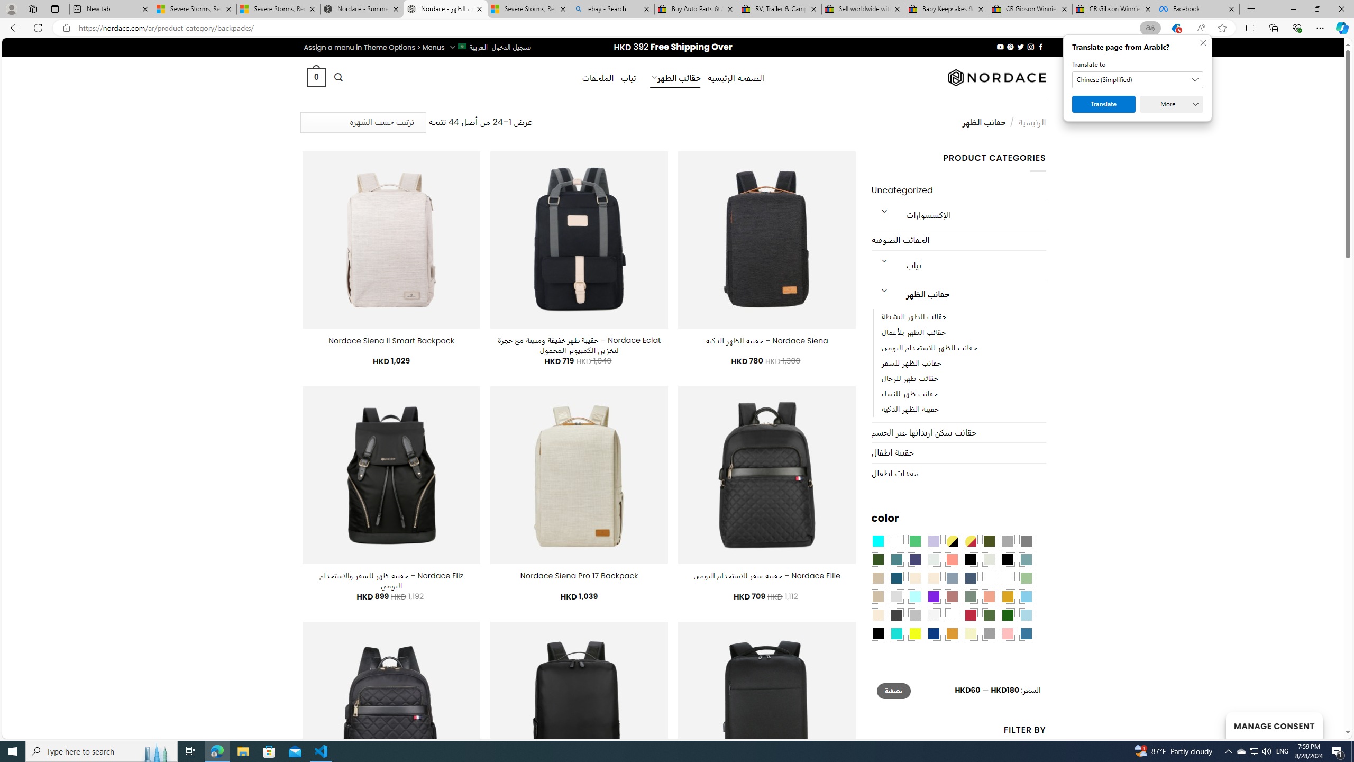 The height and width of the screenshot is (762, 1354). What do you see at coordinates (1026, 577) in the screenshot?
I see `'Light Green'` at bounding box center [1026, 577].